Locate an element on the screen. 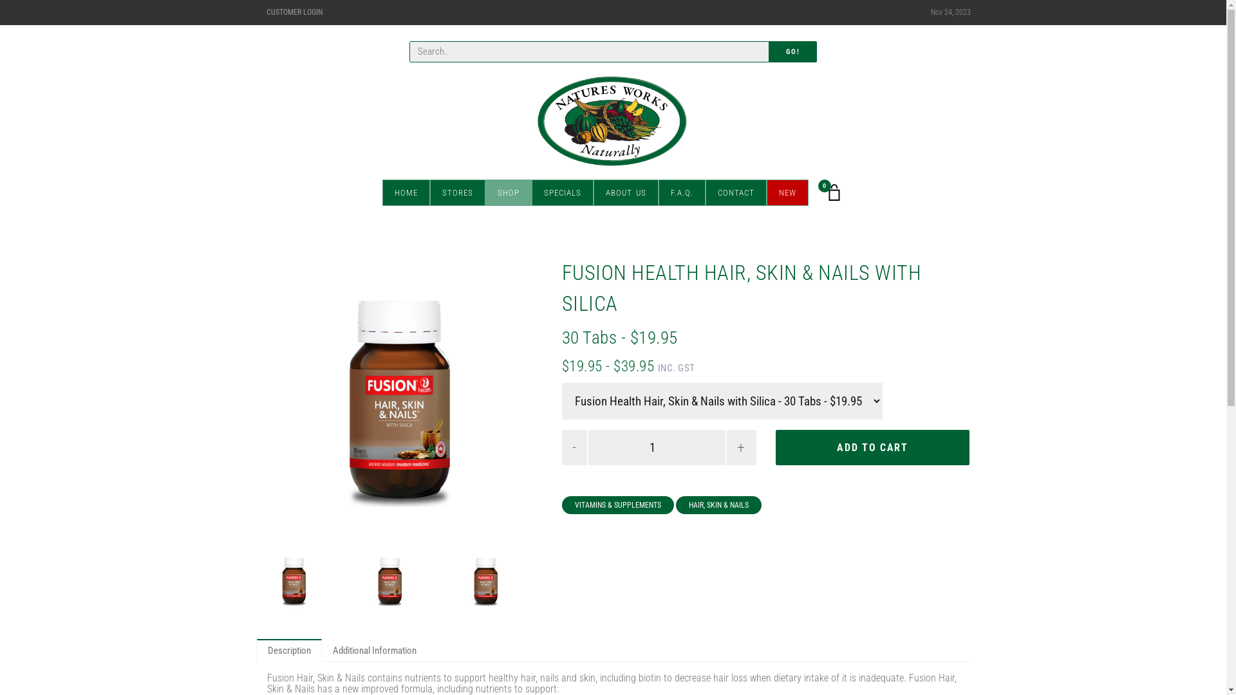  'F.A.Q.' is located at coordinates (680, 192).